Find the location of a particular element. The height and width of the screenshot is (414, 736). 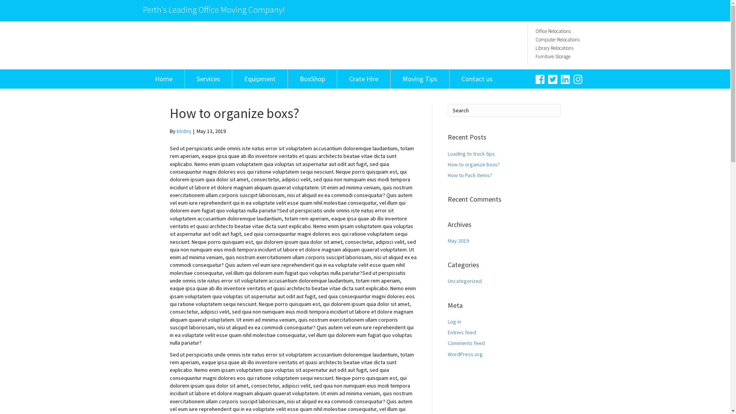

'Moving Tips' is located at coordinates (419, 79).